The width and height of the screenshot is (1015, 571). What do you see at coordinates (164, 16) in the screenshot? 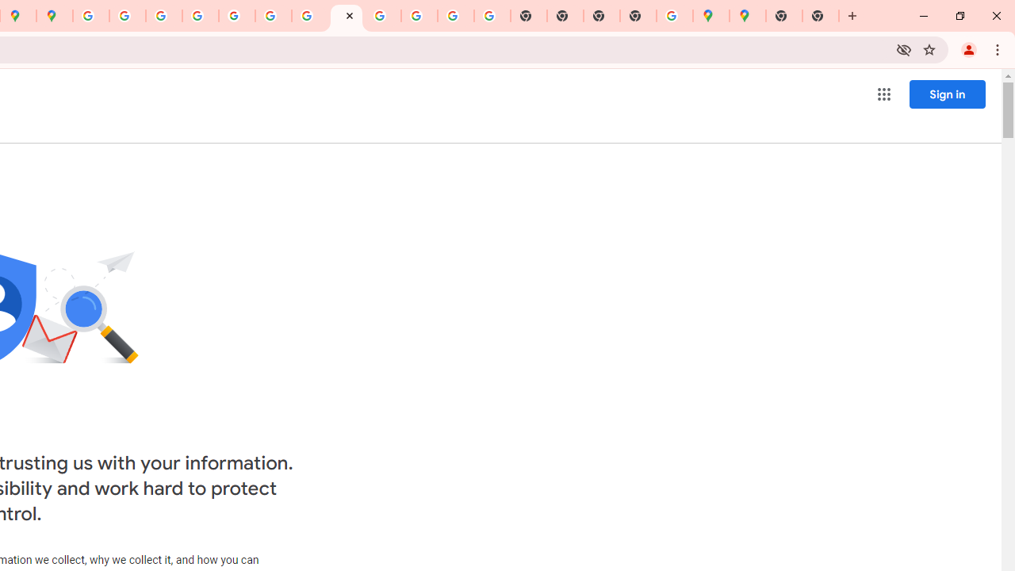
I see `'Privacy Help Center - Policies Help'` at bounding box center [164, 16].